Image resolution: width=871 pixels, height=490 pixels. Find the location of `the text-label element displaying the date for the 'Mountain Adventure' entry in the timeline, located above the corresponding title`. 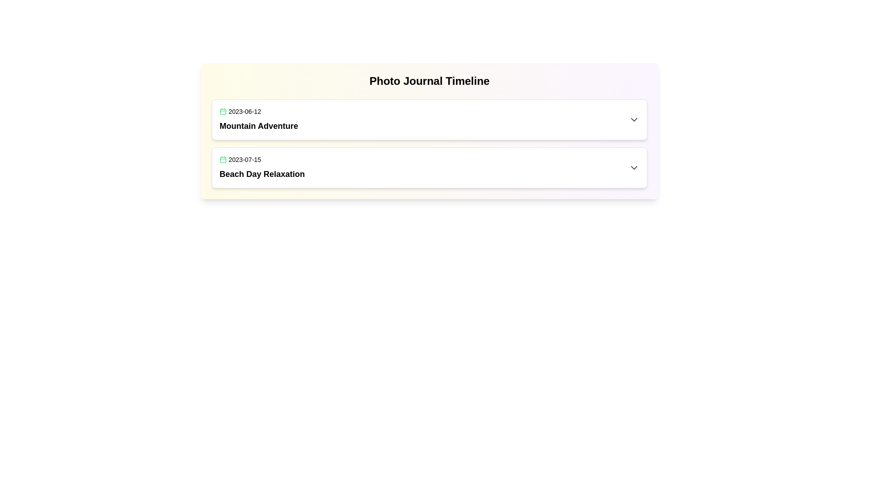

the text-label element displaying the date for the 'Mountain Adventure' entry in the timeline, located above the corresponding title is located at coordinates (258, 111).